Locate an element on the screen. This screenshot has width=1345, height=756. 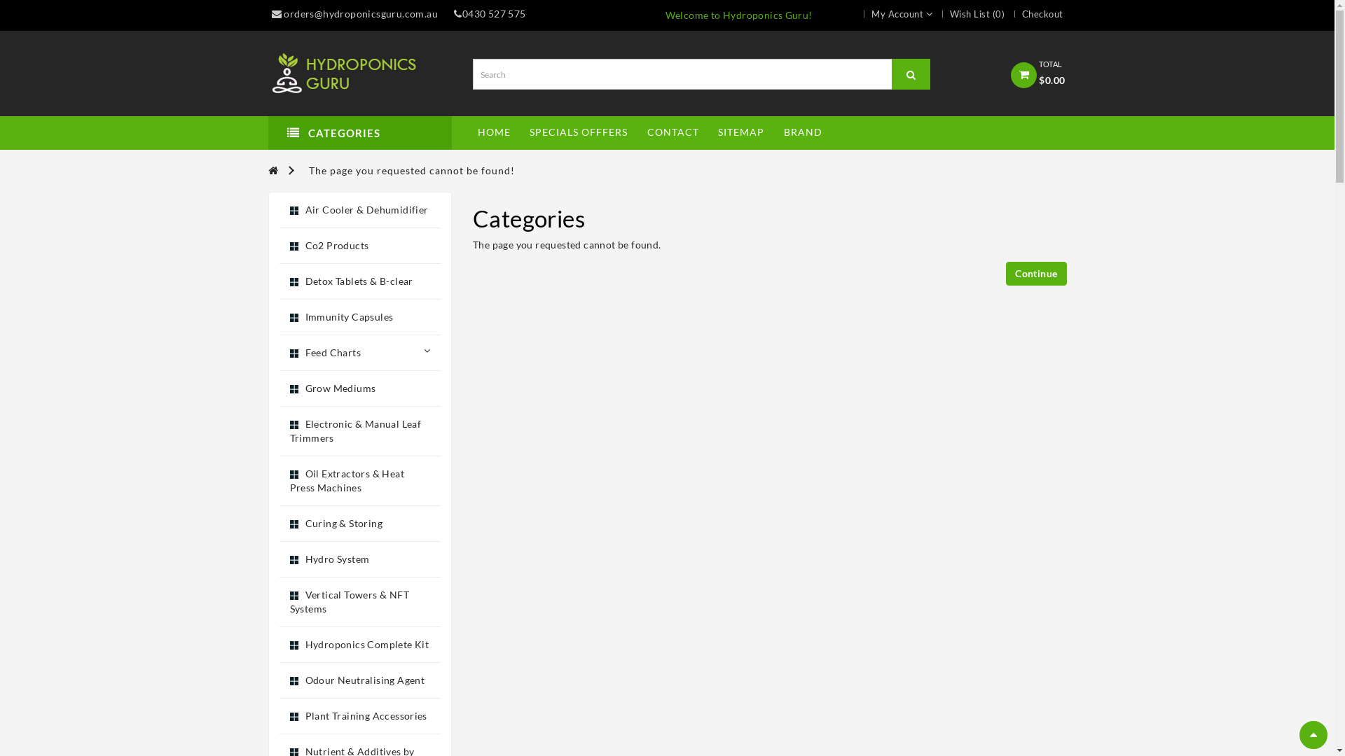
'Hydroponics Guru' is located at coordinates (268, 73).